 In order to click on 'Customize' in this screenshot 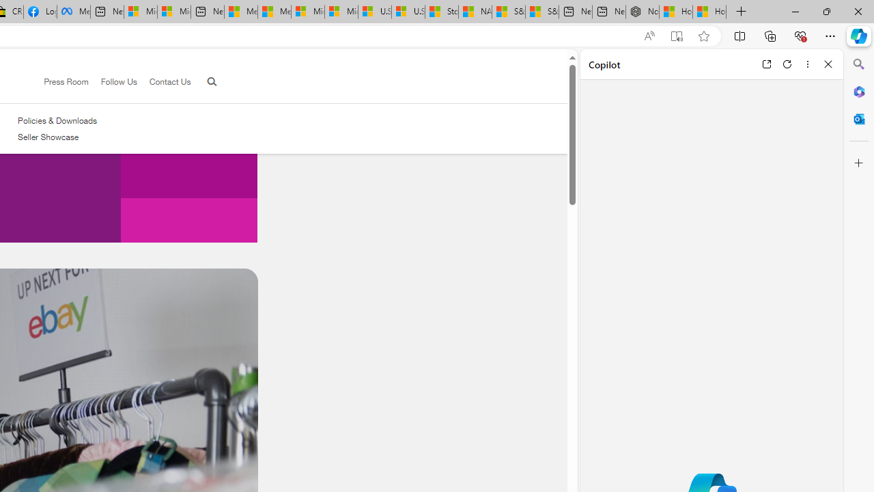, I will do `click(858, 163)`.